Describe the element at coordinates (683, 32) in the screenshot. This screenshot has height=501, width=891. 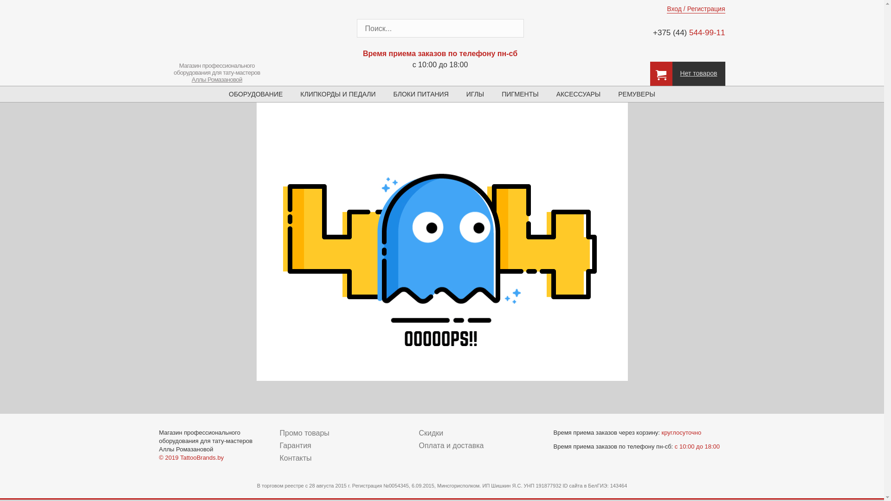
I see `'+375 (44) 544-99-11'` at that location.